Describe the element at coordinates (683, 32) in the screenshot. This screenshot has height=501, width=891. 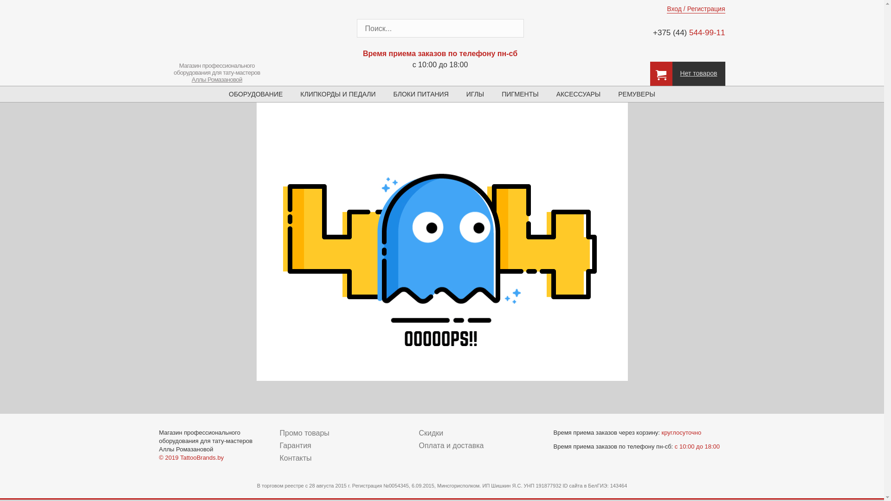
I see `'+375 (44) 544-99-11'` at that location.